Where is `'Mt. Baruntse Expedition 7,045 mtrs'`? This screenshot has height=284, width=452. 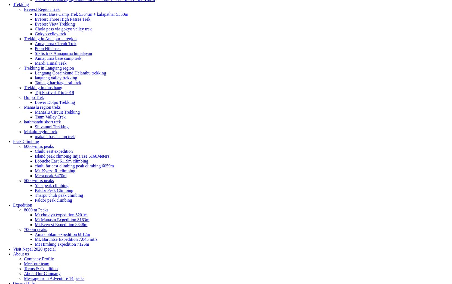 'Mt. Baruntse Expedition 7,045 mtrs' is located at coordinates (66, 239).